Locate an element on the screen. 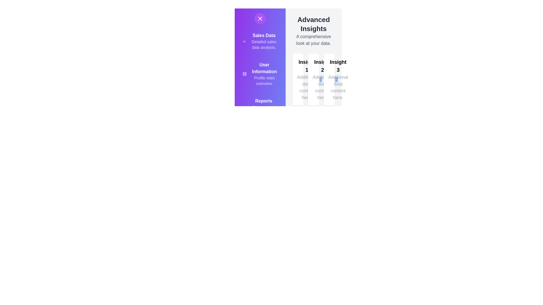 This screenshot has width=543, height=305. toggle button to toggle the side drawer open or closed is located at coordinates (260, 18).